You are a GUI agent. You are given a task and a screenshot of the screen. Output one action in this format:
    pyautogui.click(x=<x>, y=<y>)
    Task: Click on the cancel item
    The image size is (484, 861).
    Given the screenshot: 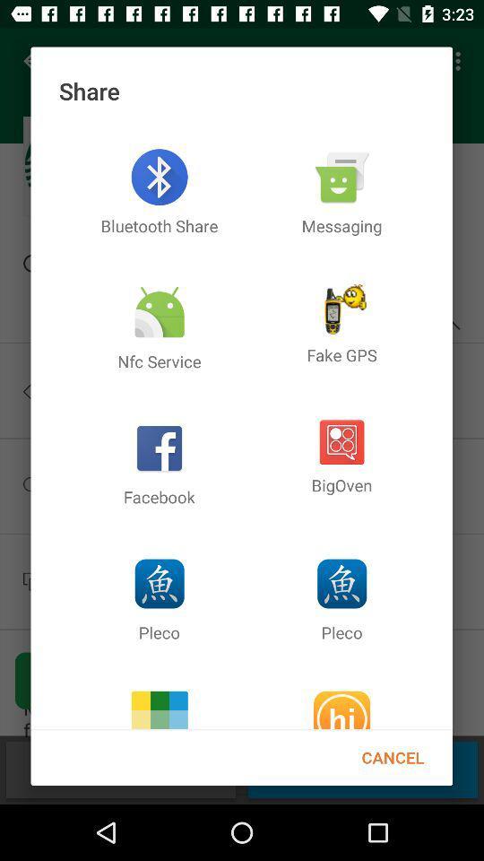 What is the action you would take?
    pyautogui.click(x=392, y=756)
    